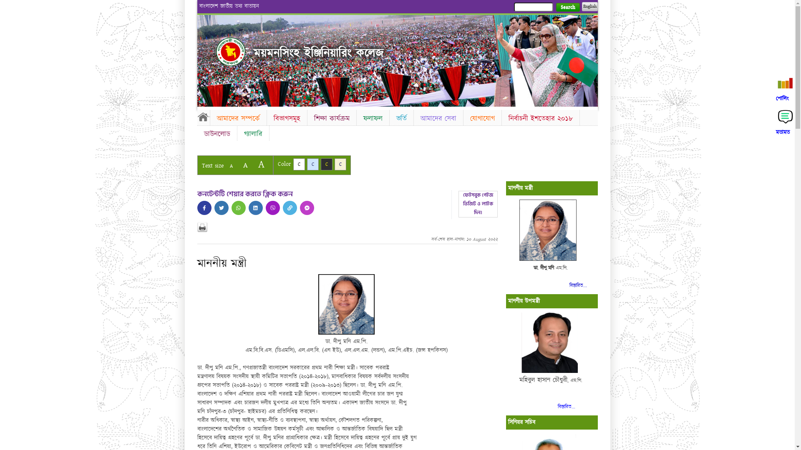 The width and height of the screenshot is (801, 450). I want to click on 'English', so click(589, 6).